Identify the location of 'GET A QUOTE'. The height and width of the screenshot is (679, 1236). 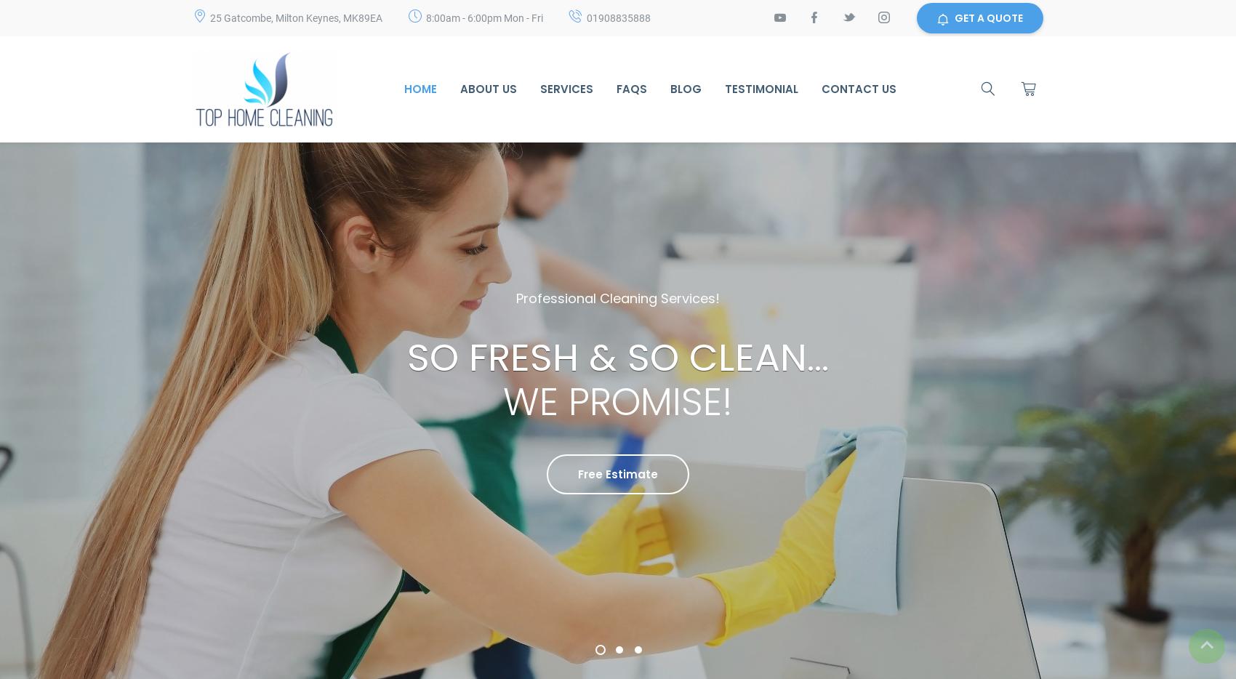
(989, 17).